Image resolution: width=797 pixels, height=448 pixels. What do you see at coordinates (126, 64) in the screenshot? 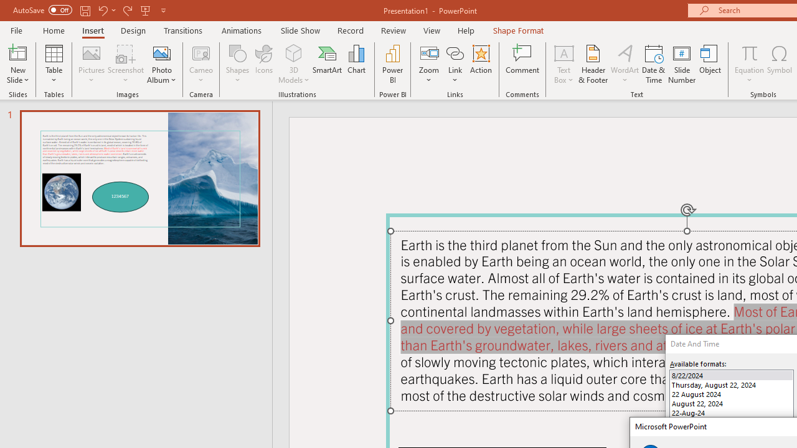
I see `'Screenshot'` at bounding box center [126, 64].